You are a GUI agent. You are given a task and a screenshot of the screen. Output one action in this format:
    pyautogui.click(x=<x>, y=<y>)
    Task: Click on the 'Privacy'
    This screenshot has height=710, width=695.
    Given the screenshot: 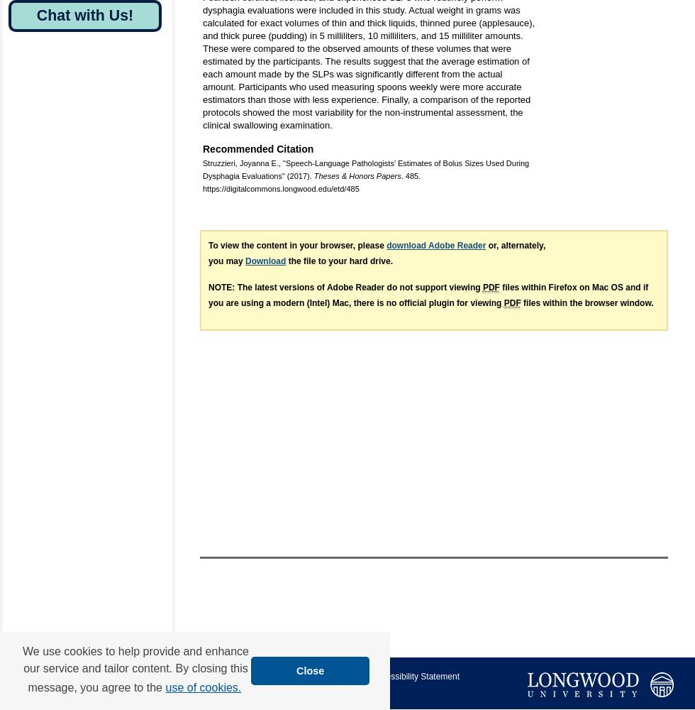 What is the action you would take?
    pyautogui.click(x=204, y=689)
    